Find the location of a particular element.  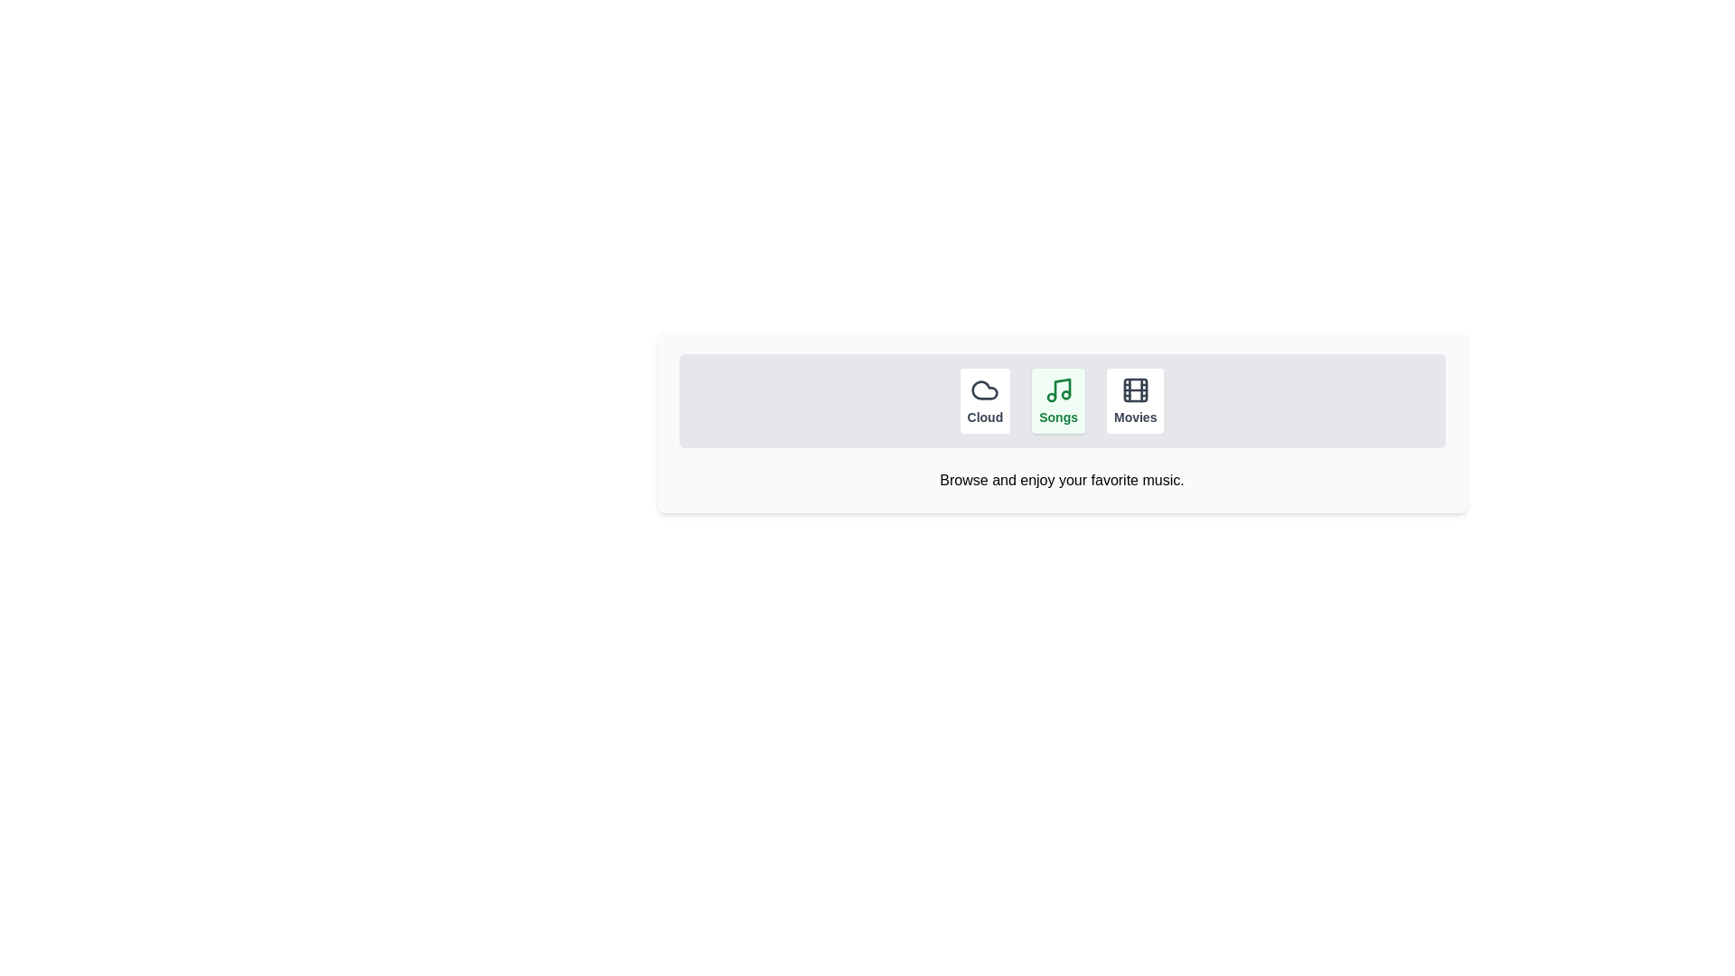

the green music note icon, which is centered above the 'Songs' text label within a green-highlighted card in the horizontal menu is located at coordinates (1058, 389).